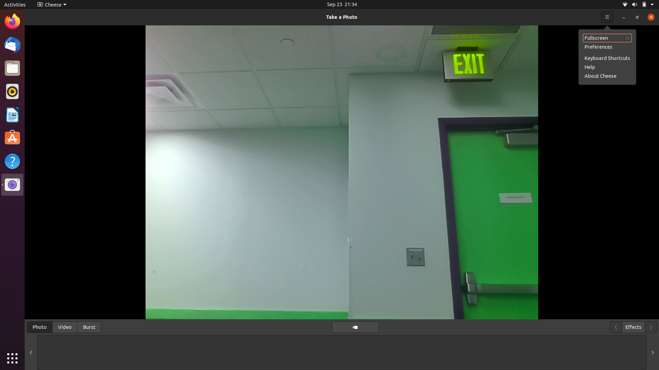 Image resolution: width=659 pixels, height=370 pixels. I want to click on Close the camera window, so click(649, 16).